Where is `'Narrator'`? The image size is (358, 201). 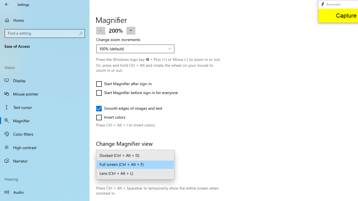
'Narrator' is located at coordinates (45, 161).